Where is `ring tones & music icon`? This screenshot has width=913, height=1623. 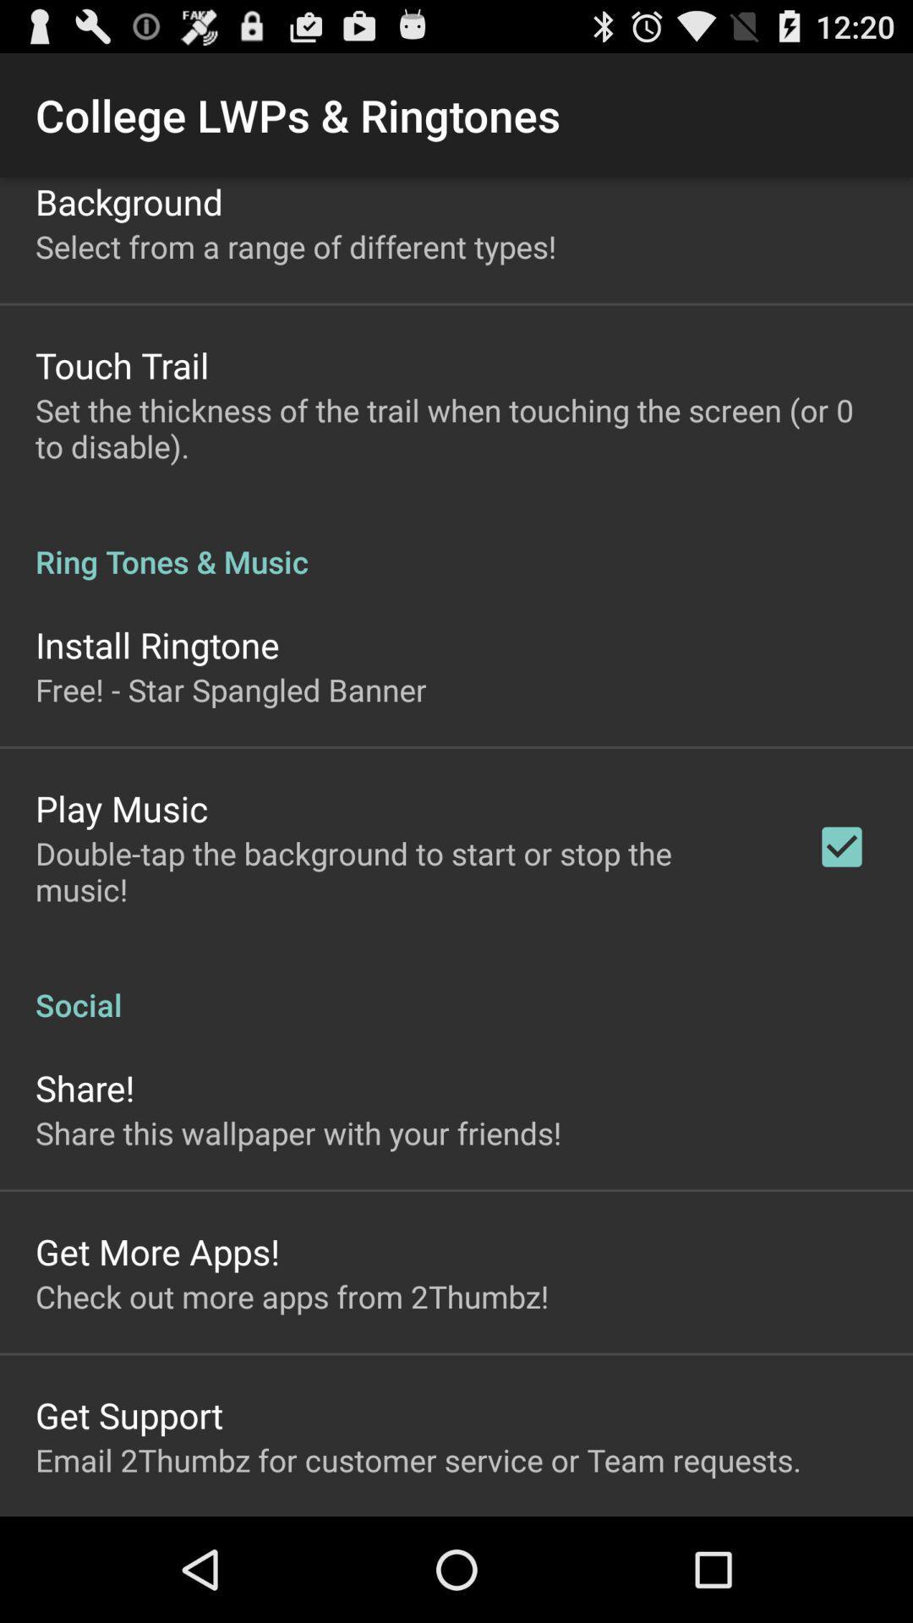
ring tones & music icon is located at coordinates (456, 544).